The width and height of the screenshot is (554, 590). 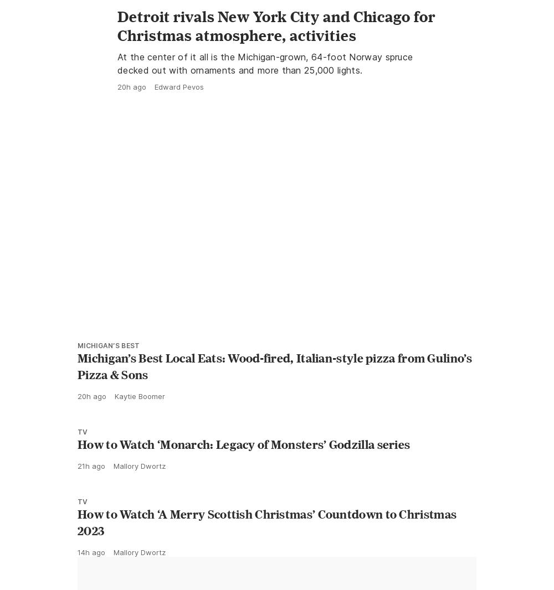 What do you see at coordinates (140, 446) in the screenshot?
I see `'Kaytie Boomer'` at bounding box center [140, 446].